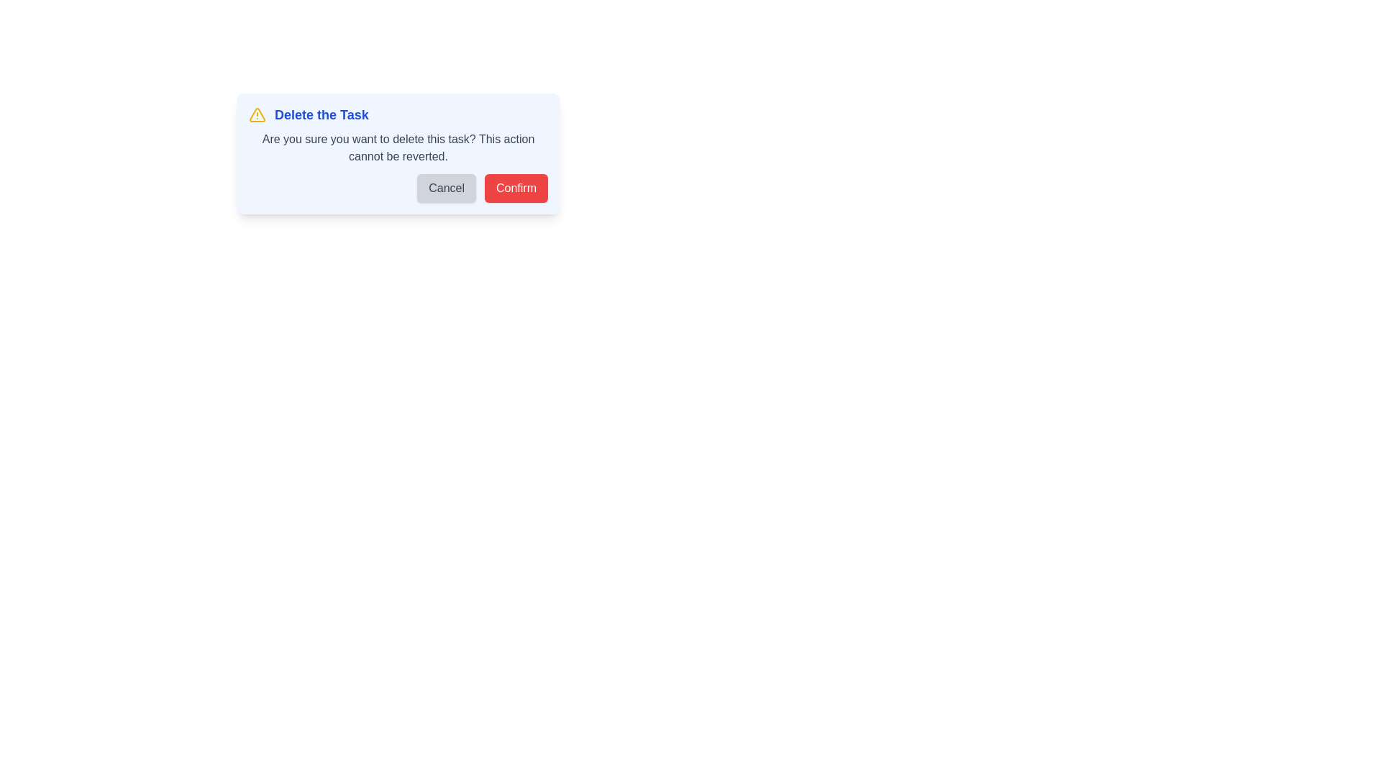 Image resolution: width=1381 pixels, height=777 pixels. What do you see at coordinates (257, 114) in the screenshot?
I see `the alert icon located to the left of the title text in the 'Delete the Task' modal dialogue box, above the confirmation buttons` at bounding box center [257, 114].